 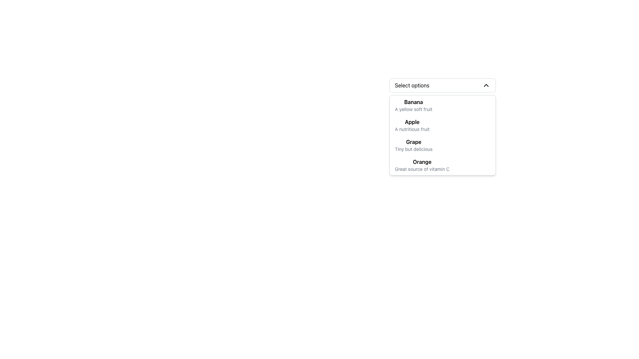 What do you see at coordinates (442, 165) in the screenshot?
I see `to select the fourth list item labeled 'Orange' in the dropdown menu, which is located below the 'Grape' option` at bounding box center [442, 165].